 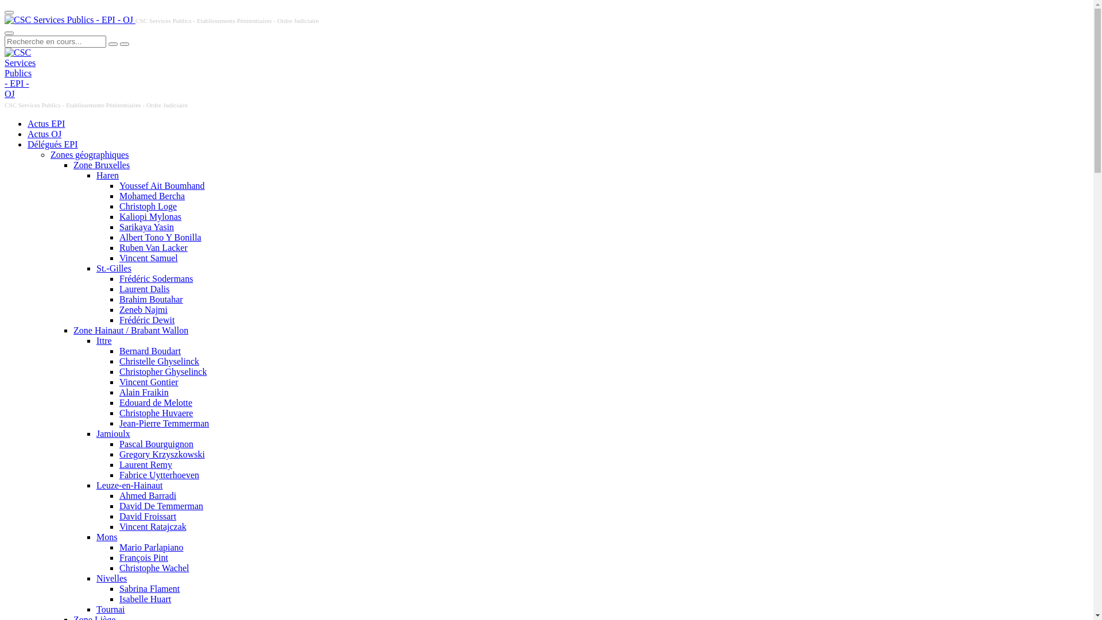 I want to click on 'Christoph Loge', so click(x=148, y=206).